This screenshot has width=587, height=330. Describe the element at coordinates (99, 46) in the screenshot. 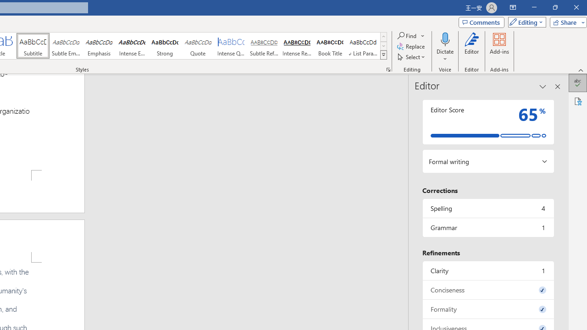

I see `'Emphasis'` at that location.